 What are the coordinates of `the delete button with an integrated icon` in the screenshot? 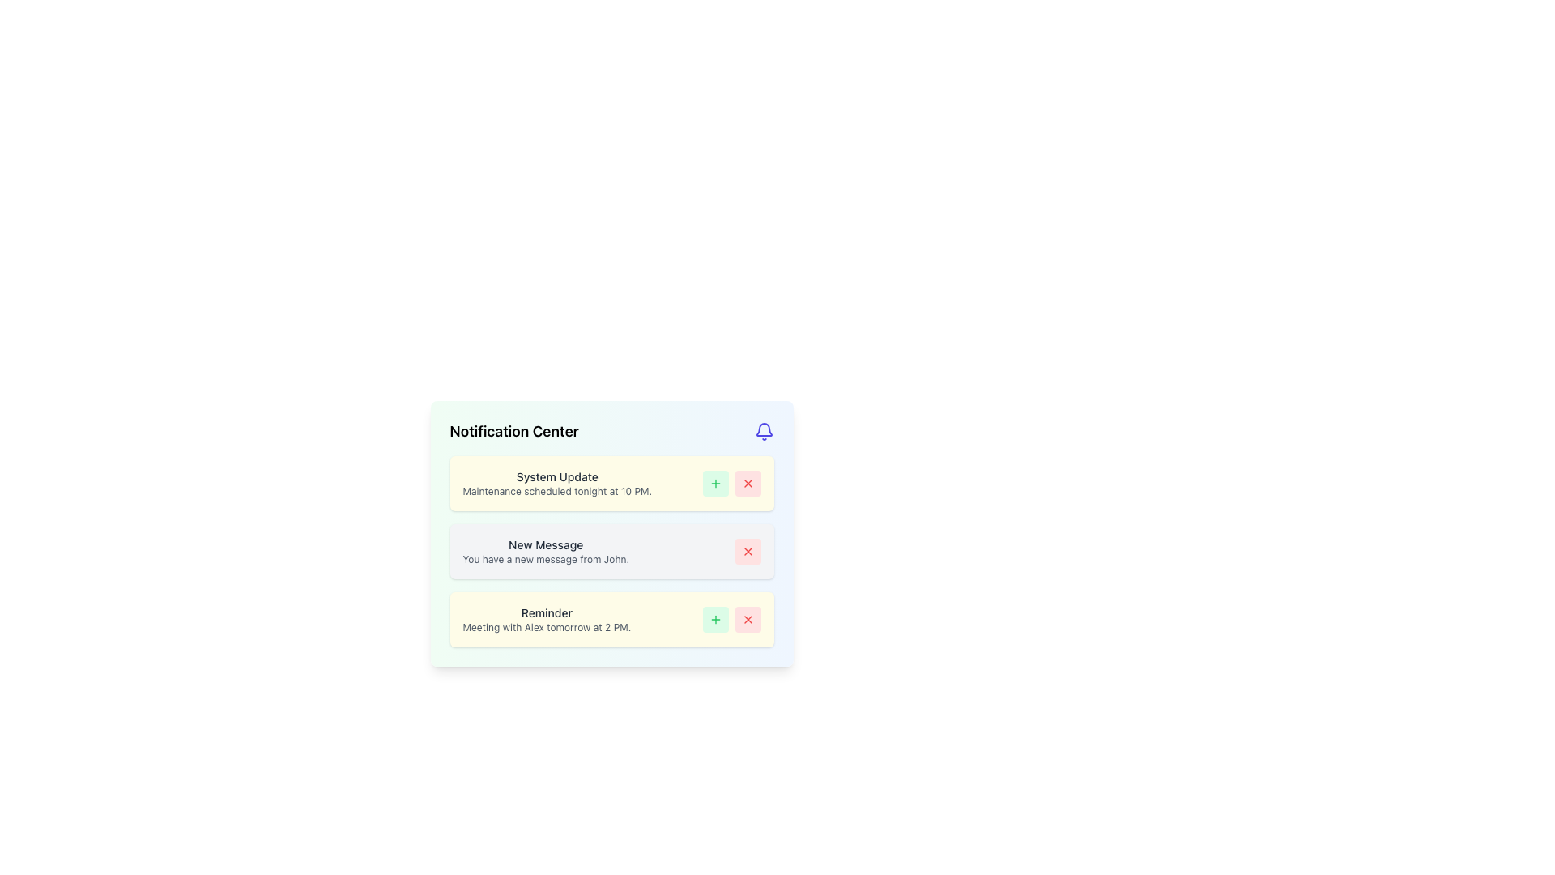 It's located at (747, 483).